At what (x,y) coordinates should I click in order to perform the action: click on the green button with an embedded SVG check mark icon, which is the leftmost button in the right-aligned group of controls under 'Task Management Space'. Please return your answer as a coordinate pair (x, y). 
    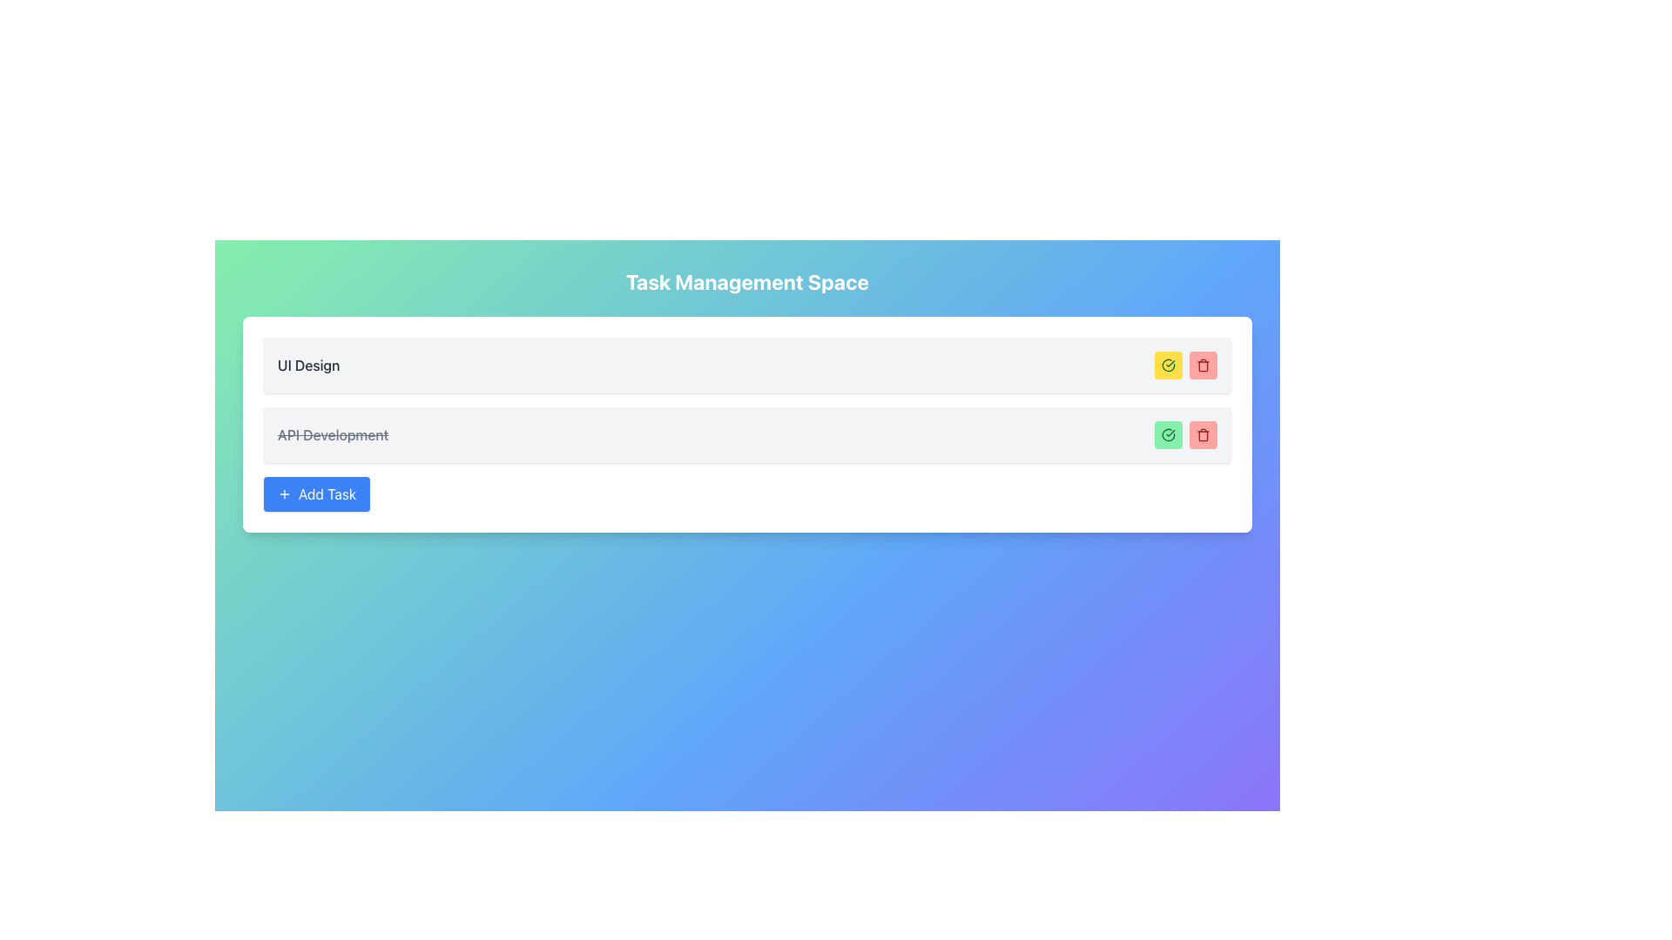
    Looking at the image, I should click on (1169, 434).